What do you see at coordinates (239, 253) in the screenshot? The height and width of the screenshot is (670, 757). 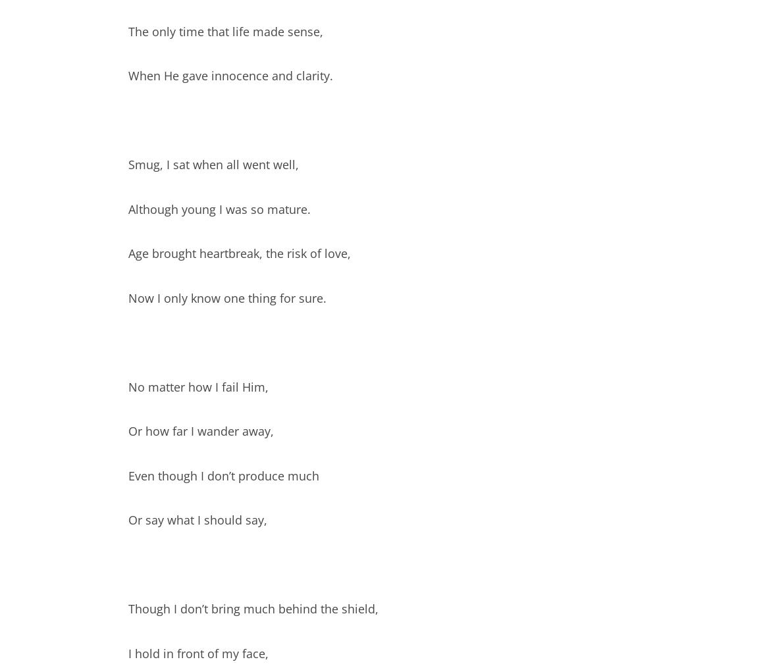 I see `'Age brought heartbreak, the risk of love,'` at bounding box center [239, 253].